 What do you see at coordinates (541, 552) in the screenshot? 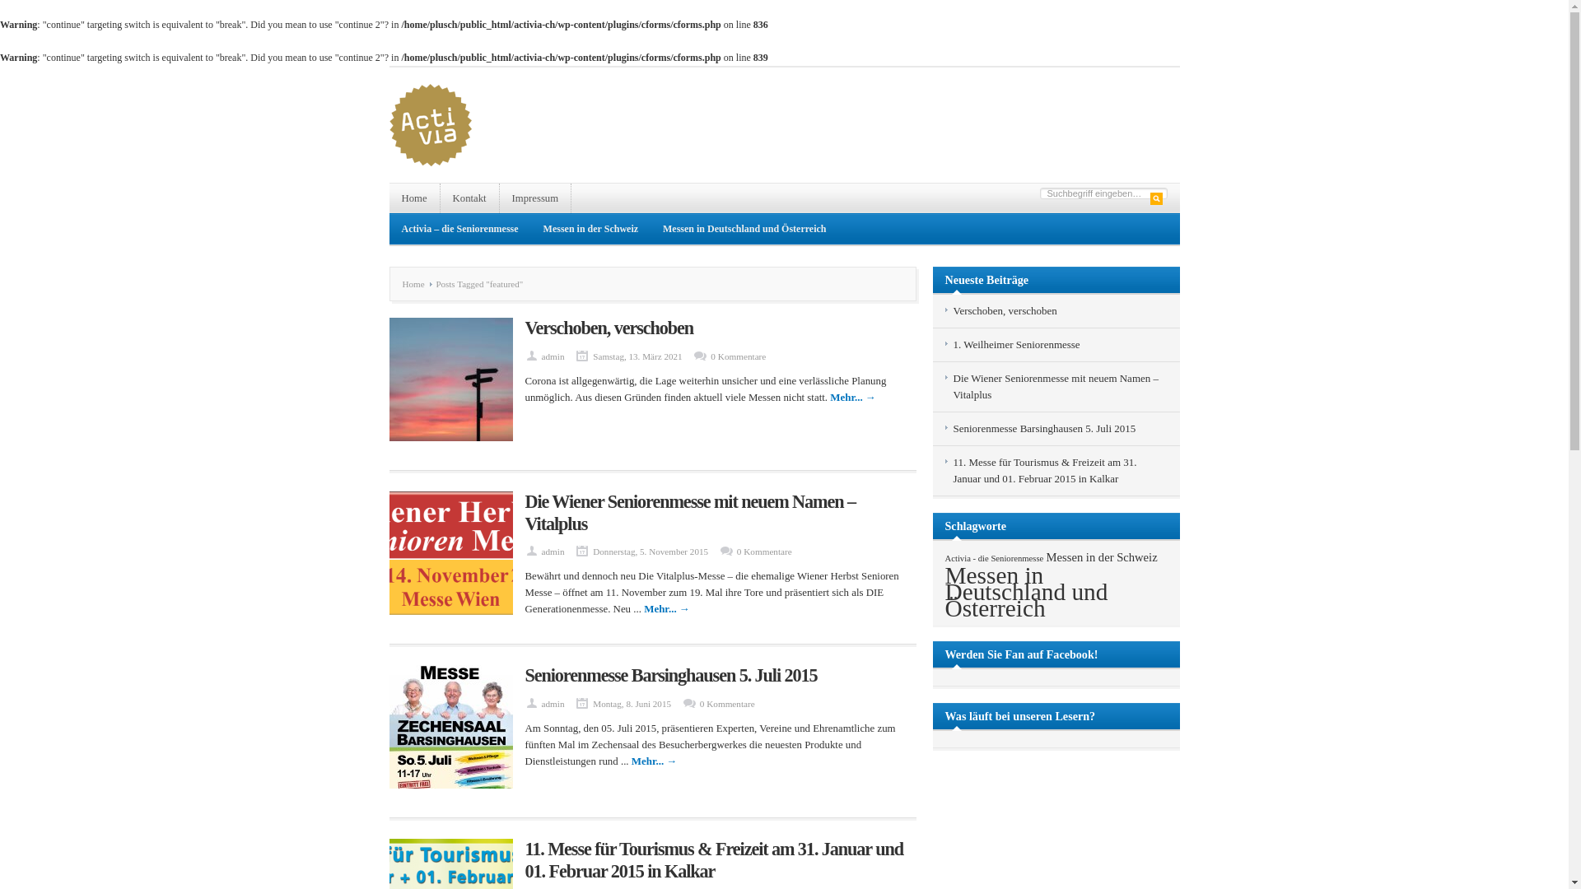
I see `'admin'` at bounding box center [541, 552].